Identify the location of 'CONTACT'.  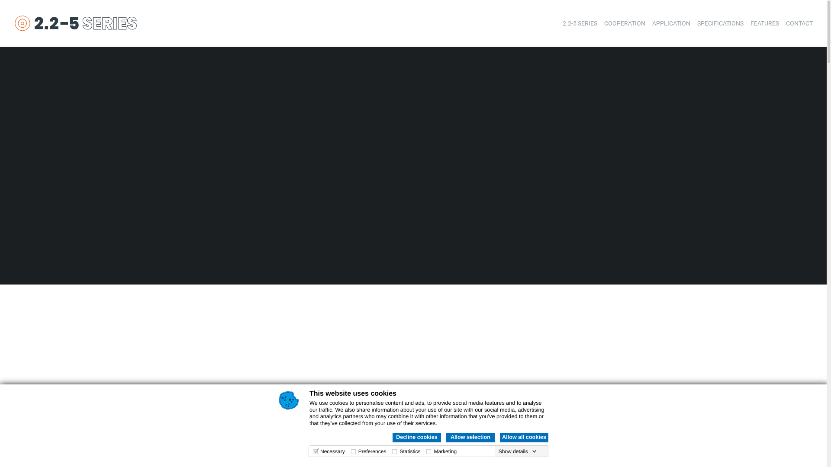
(786, 23).